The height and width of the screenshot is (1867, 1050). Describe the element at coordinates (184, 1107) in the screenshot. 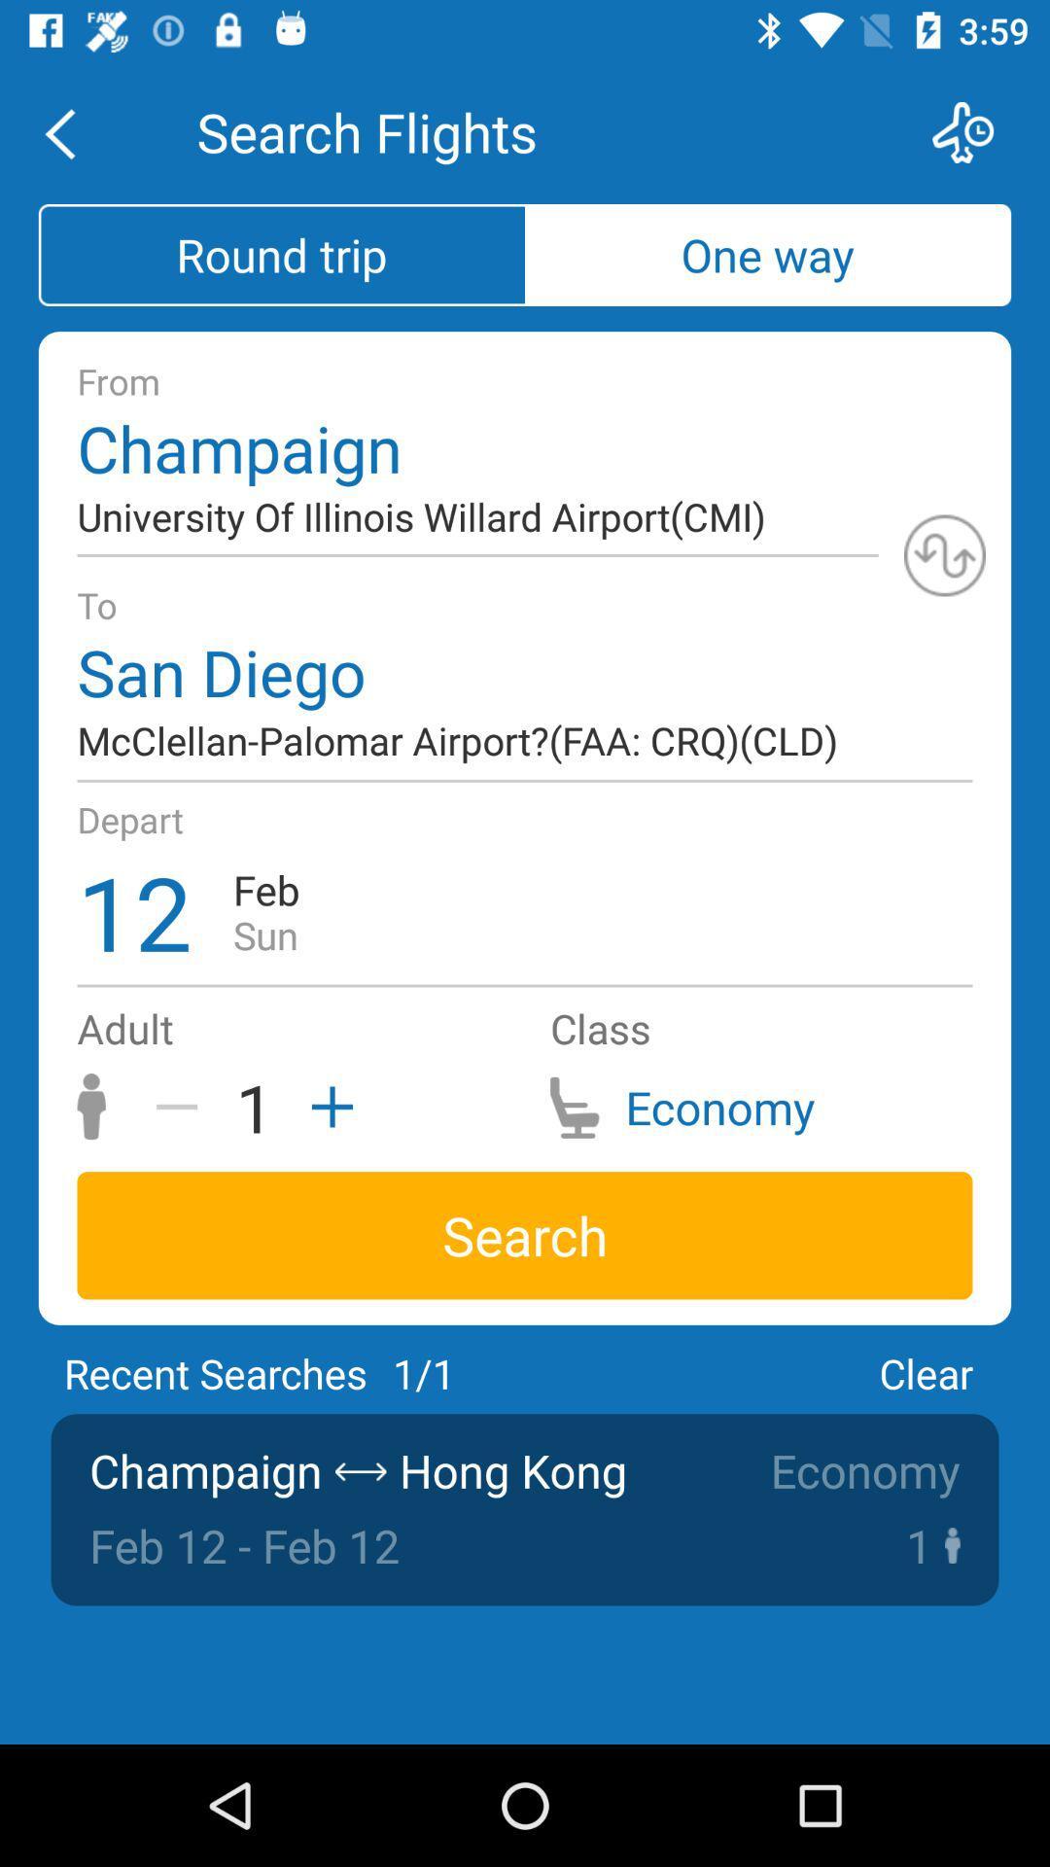

I see `decrease items` at that location.